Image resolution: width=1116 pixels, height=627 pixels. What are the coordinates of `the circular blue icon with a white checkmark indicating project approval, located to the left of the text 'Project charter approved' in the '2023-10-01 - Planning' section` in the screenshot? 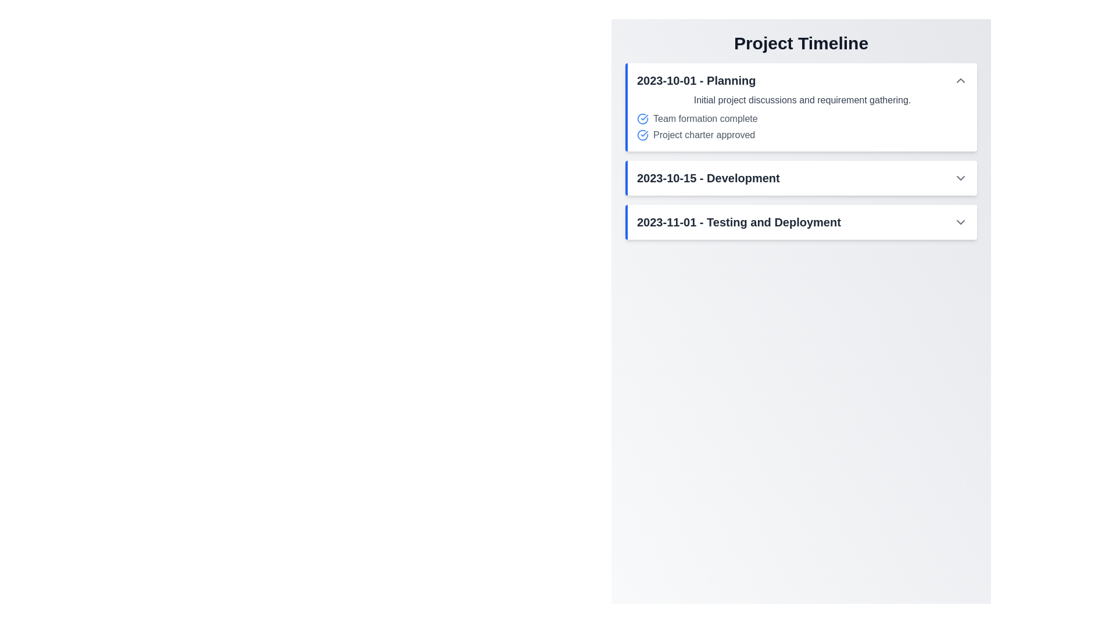 It's located at (642, 134).